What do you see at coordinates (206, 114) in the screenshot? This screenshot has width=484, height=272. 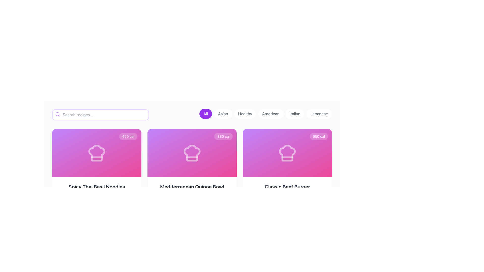 I see `the round-cornered button labeled 'All' with white text on a purple background` at bounding box center [206, 114].